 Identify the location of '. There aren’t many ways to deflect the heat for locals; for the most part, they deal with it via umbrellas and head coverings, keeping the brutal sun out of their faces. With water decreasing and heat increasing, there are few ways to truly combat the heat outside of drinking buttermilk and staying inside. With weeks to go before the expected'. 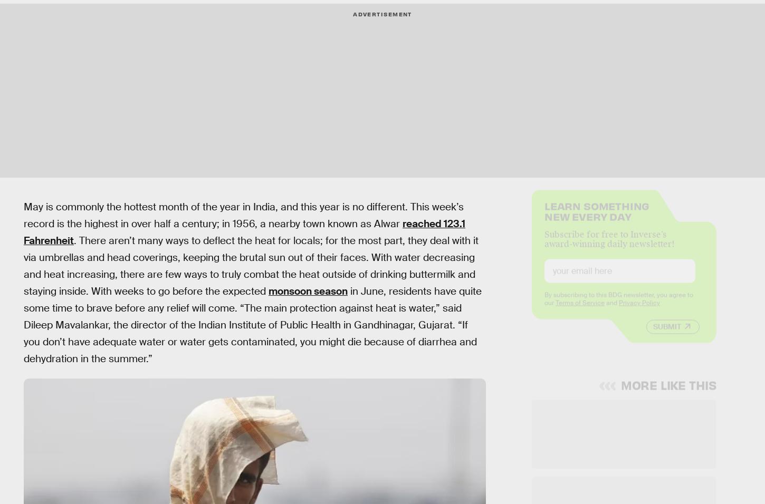
(23, 265).